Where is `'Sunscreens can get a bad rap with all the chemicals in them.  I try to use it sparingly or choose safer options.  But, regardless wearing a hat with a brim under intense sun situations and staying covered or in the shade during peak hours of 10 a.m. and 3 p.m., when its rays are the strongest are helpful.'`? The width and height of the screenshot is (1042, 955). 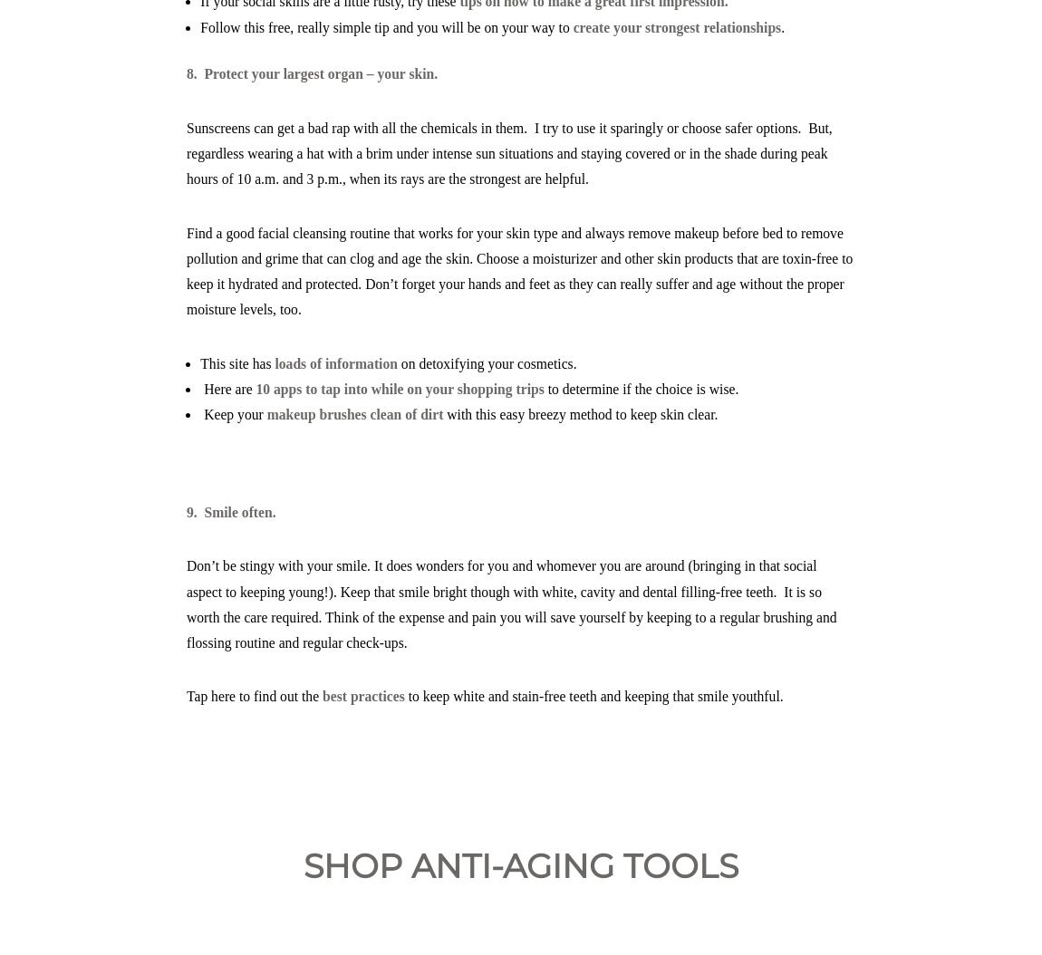
'Sunscreens can get a bad rap with all the chemicals in them.  I try to use it sparingly or choose safer options.  But, regardless wearing a hat with a brim under intense sun situations and staying covered or in the shade during peak hours of 10 a.m. and 3 p.m., when its rays are the strongest are helpful.' is located at coordinates (508, 151).